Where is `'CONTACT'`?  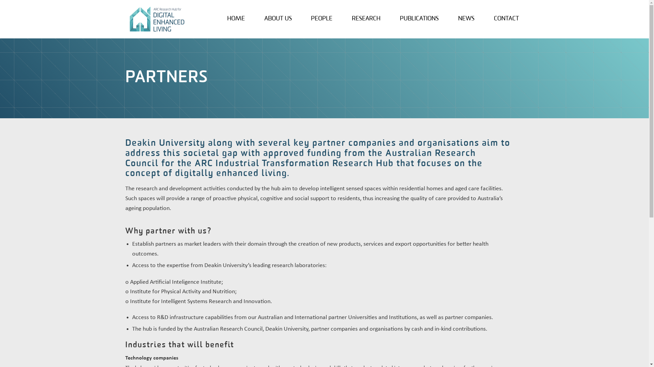
'CONTACT' is located at coordinates (507, 19).